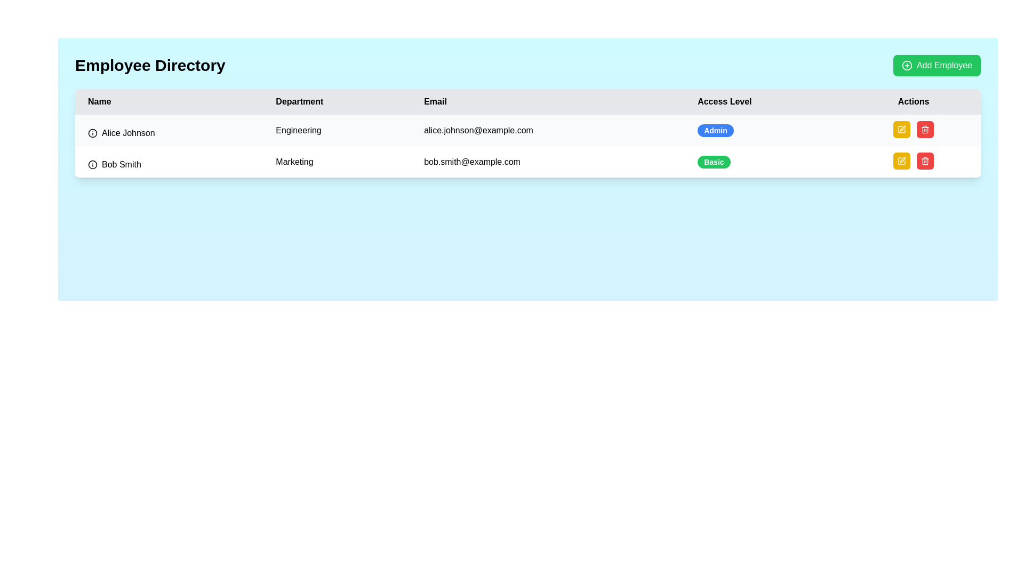  What do you see at coordinates (901, 129) in the screenshot?
I see `the edit icon button, which is a rectangular shape with a pen icon, located in the 'Actions' column of the second row in the table` at bounding box center [901, 129].